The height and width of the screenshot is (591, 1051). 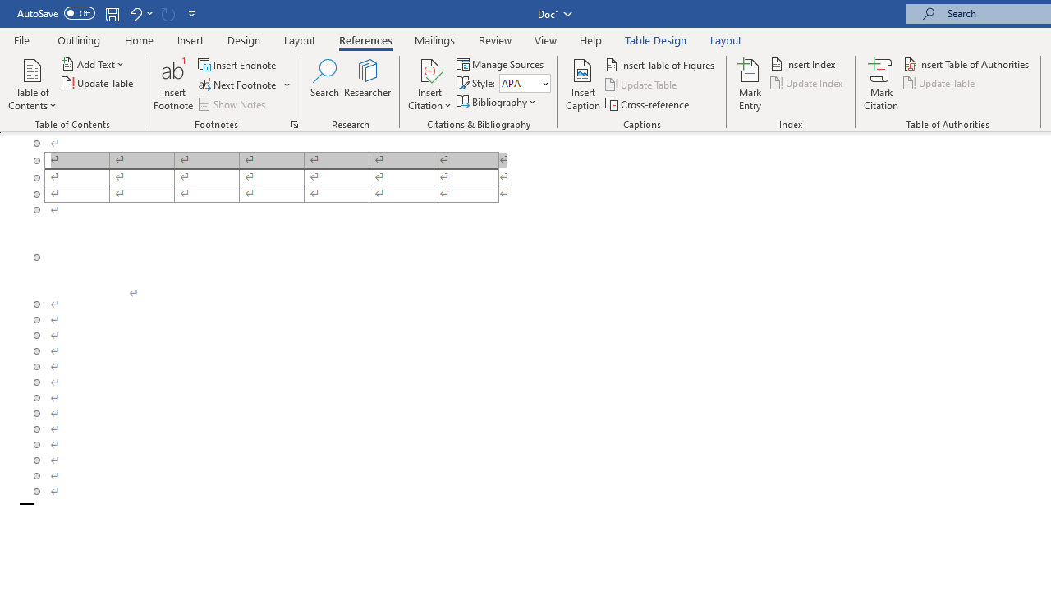 I want to click on 'Insert Footnote', so click(x=173, y=85).